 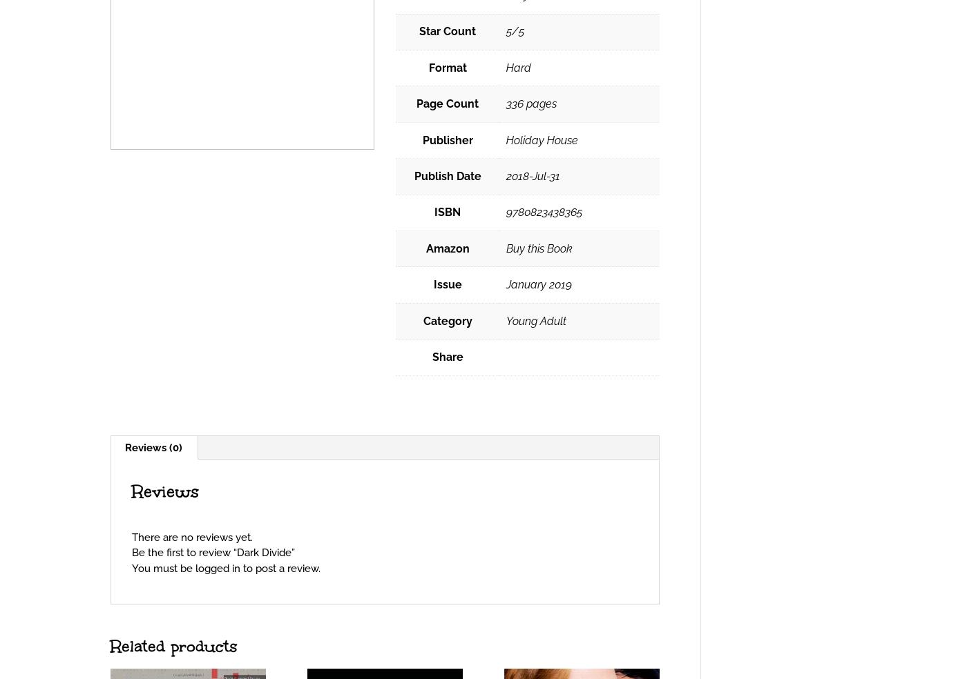 What do you see at coordinates (537, 247) in the screenshot?
I see `'Buy this Book'` at bounding box center [537, 247].